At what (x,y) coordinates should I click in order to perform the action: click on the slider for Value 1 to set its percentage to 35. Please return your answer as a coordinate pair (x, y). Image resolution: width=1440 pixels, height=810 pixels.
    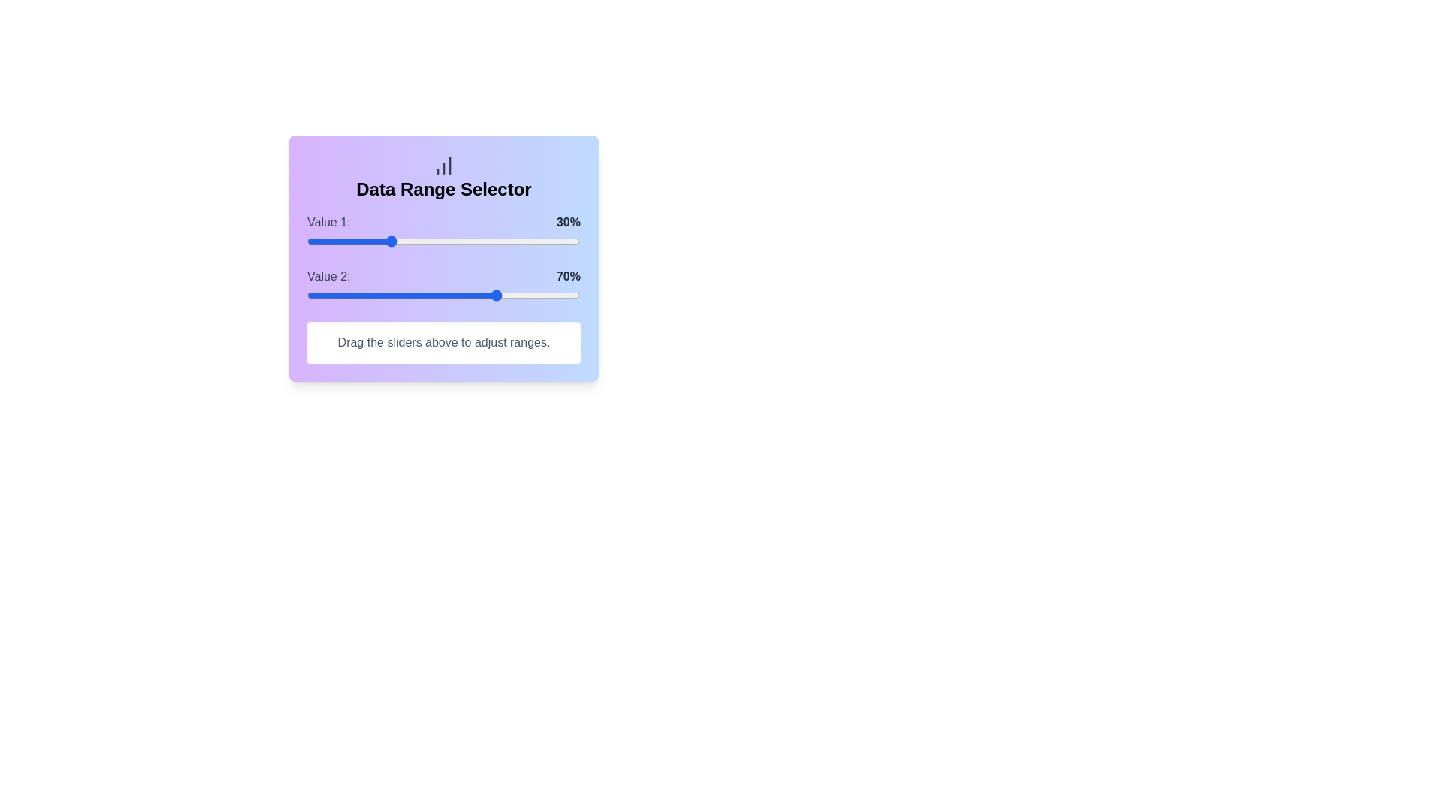
    Looking at the image, I should click on (403, 240).